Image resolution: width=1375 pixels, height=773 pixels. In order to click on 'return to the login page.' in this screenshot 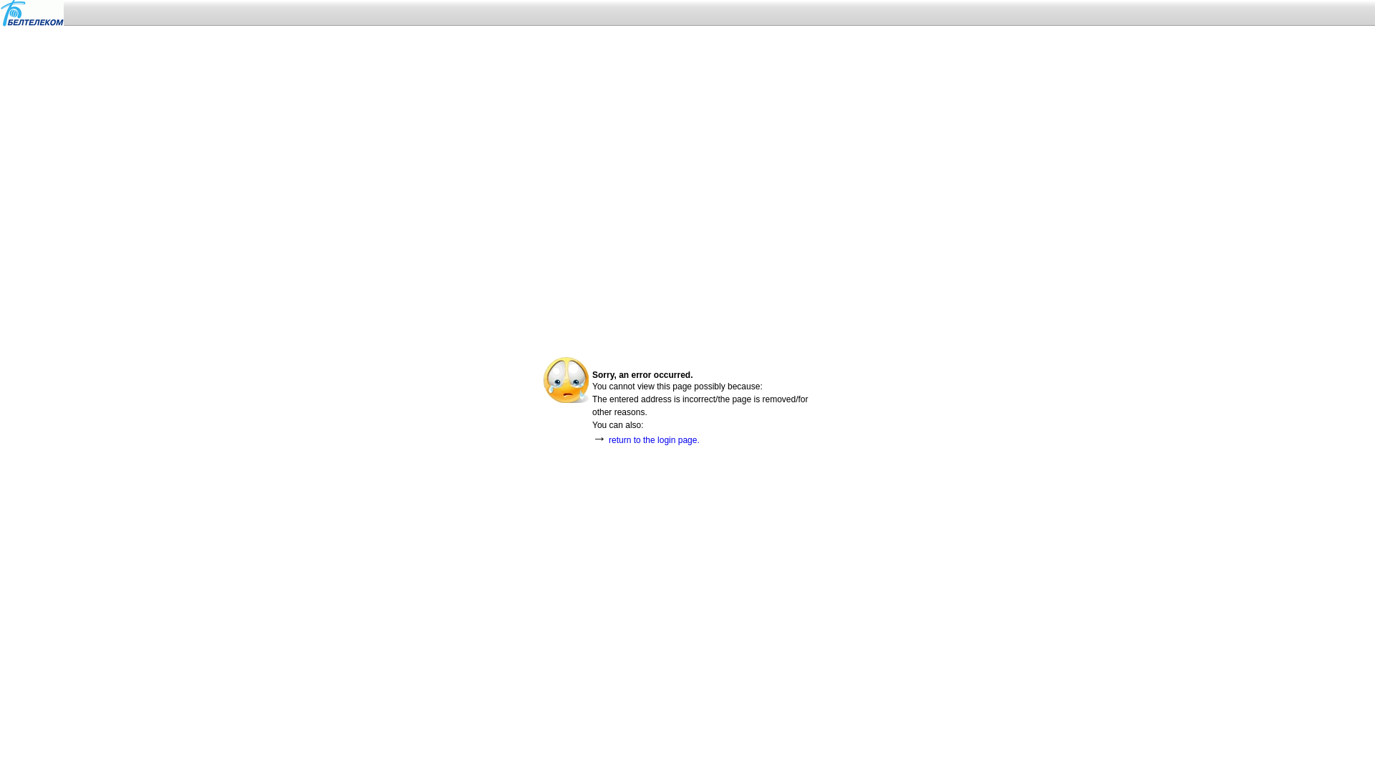, I will do `click(608, 439)`.